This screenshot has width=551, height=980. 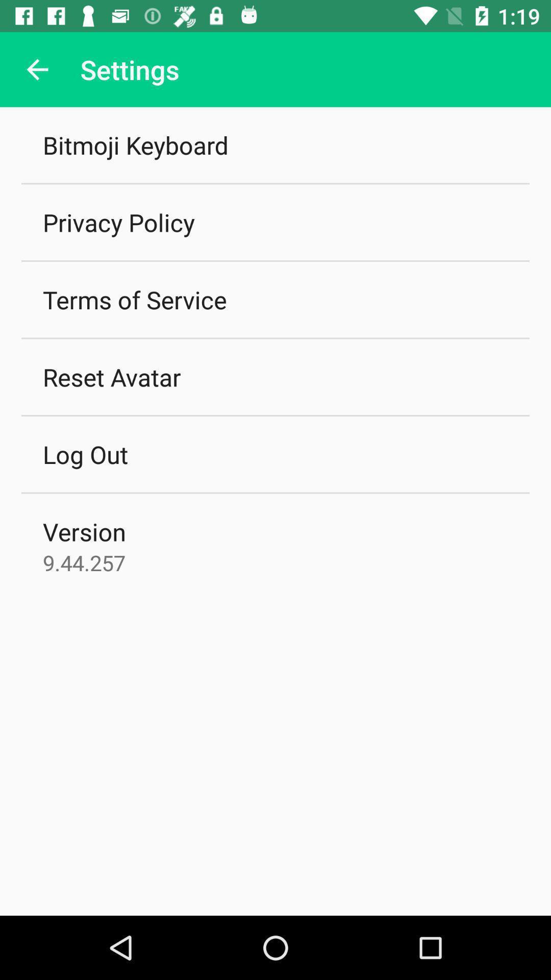 What do you see at coordinates (112, 376) in the screenshot?
I see `icon below terms of service icon` at bounding box center [112, 376].